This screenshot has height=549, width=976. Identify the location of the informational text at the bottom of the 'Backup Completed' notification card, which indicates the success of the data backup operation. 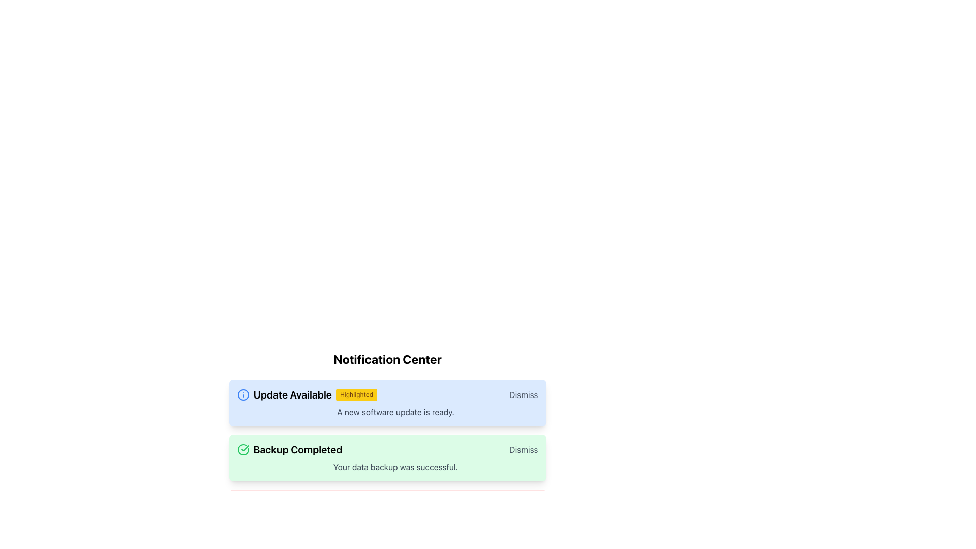
(395, 467).